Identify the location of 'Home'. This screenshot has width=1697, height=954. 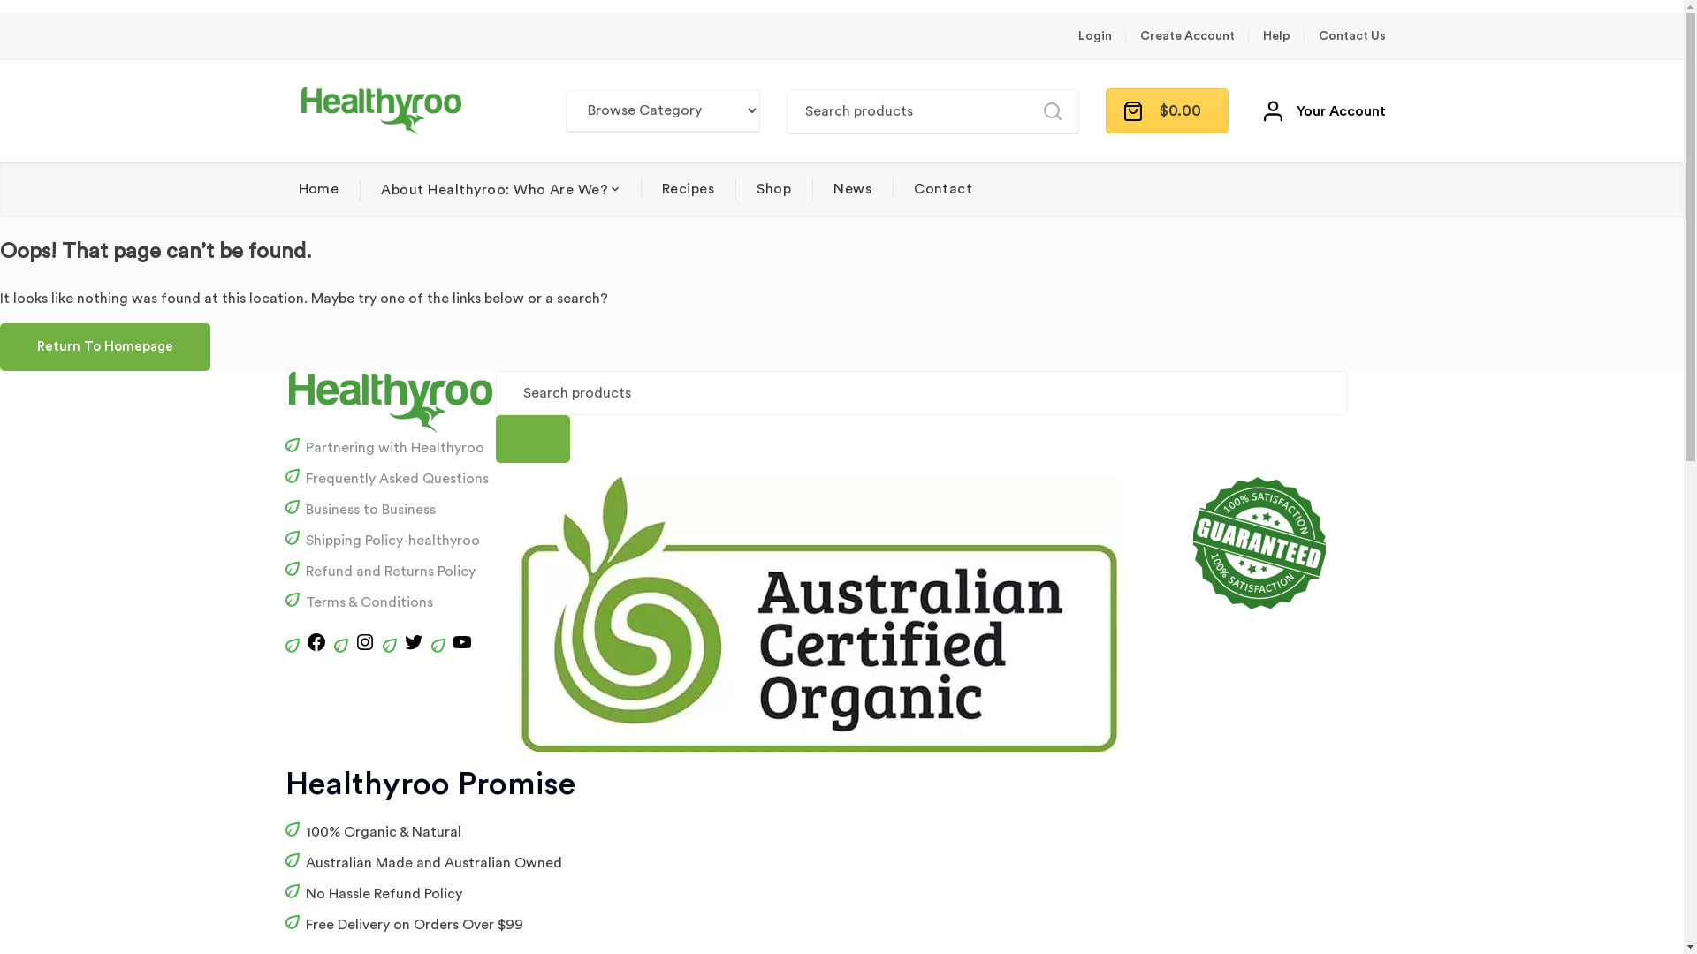
(318, 188).